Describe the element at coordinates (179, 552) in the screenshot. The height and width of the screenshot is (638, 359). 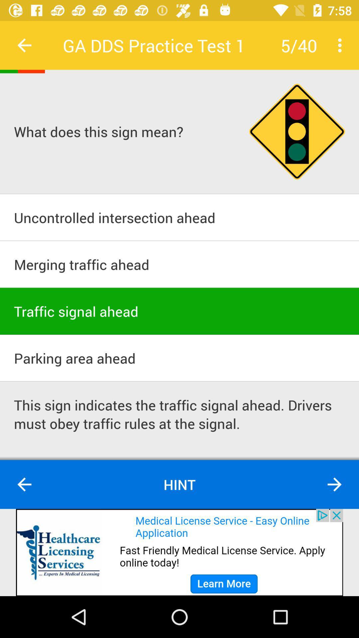
I see `advertisements about healthcare licensing services` at that location.